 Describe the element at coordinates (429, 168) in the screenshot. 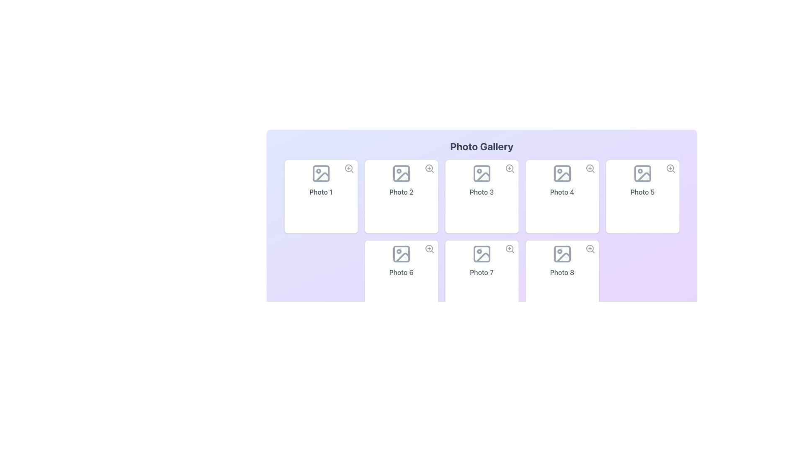

I see `the SVG circle element that visually represents the zoom-in feature in the photo gallery interface for 'Photo 2'` at that location.